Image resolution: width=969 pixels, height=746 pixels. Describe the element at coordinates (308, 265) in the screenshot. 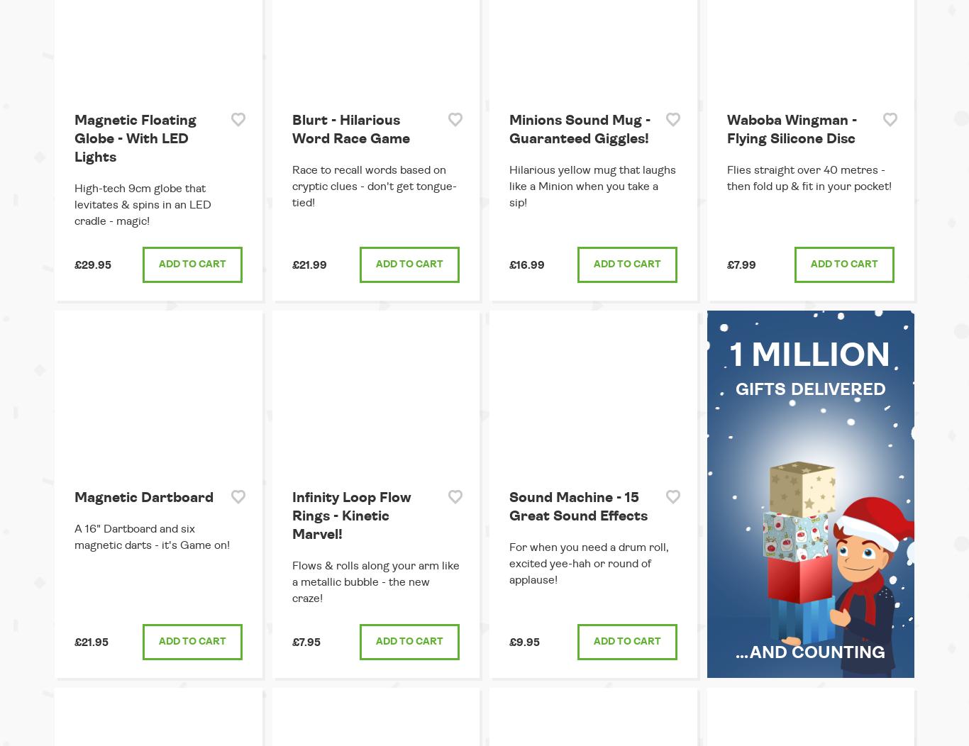

I see `'£21.99'` at that location.